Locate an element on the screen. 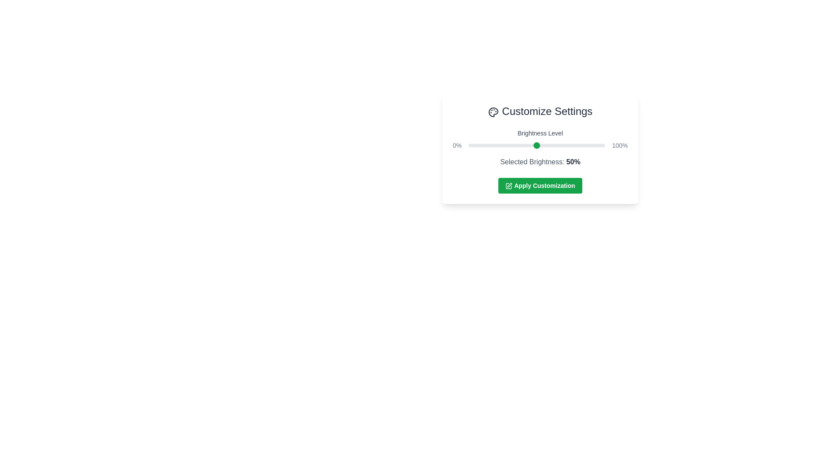 This screenshot has height=472, width=840. the brightness is located at coordinates (479, 145).